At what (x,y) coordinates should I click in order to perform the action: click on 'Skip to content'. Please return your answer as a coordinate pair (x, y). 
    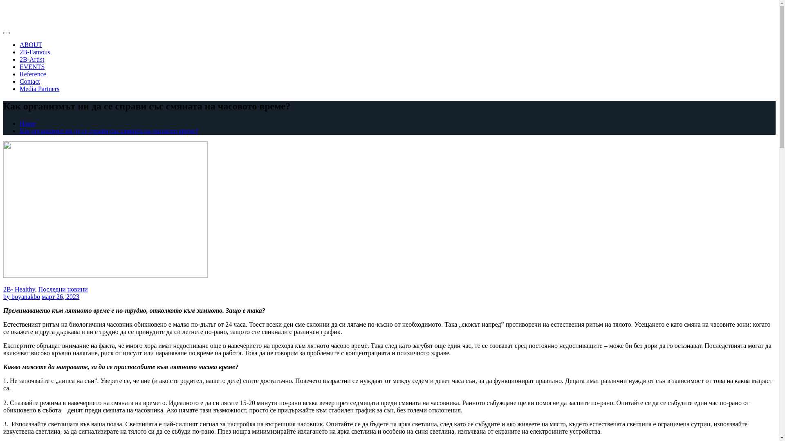
    Looking at the image, I should click on (3, 8).